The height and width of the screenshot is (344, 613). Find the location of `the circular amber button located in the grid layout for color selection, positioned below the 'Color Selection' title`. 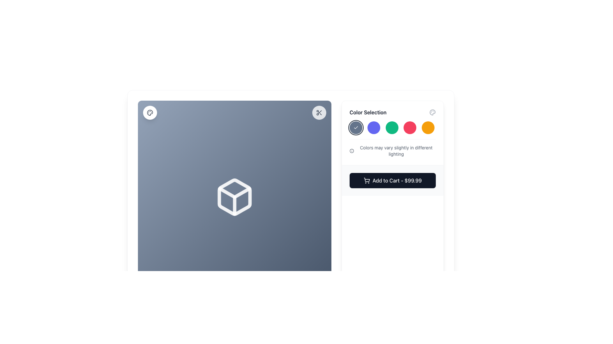

the circular amber button located in the grid layout for color selection, positioned below the 'Color Selection' title is located at coordinates (428, 128).